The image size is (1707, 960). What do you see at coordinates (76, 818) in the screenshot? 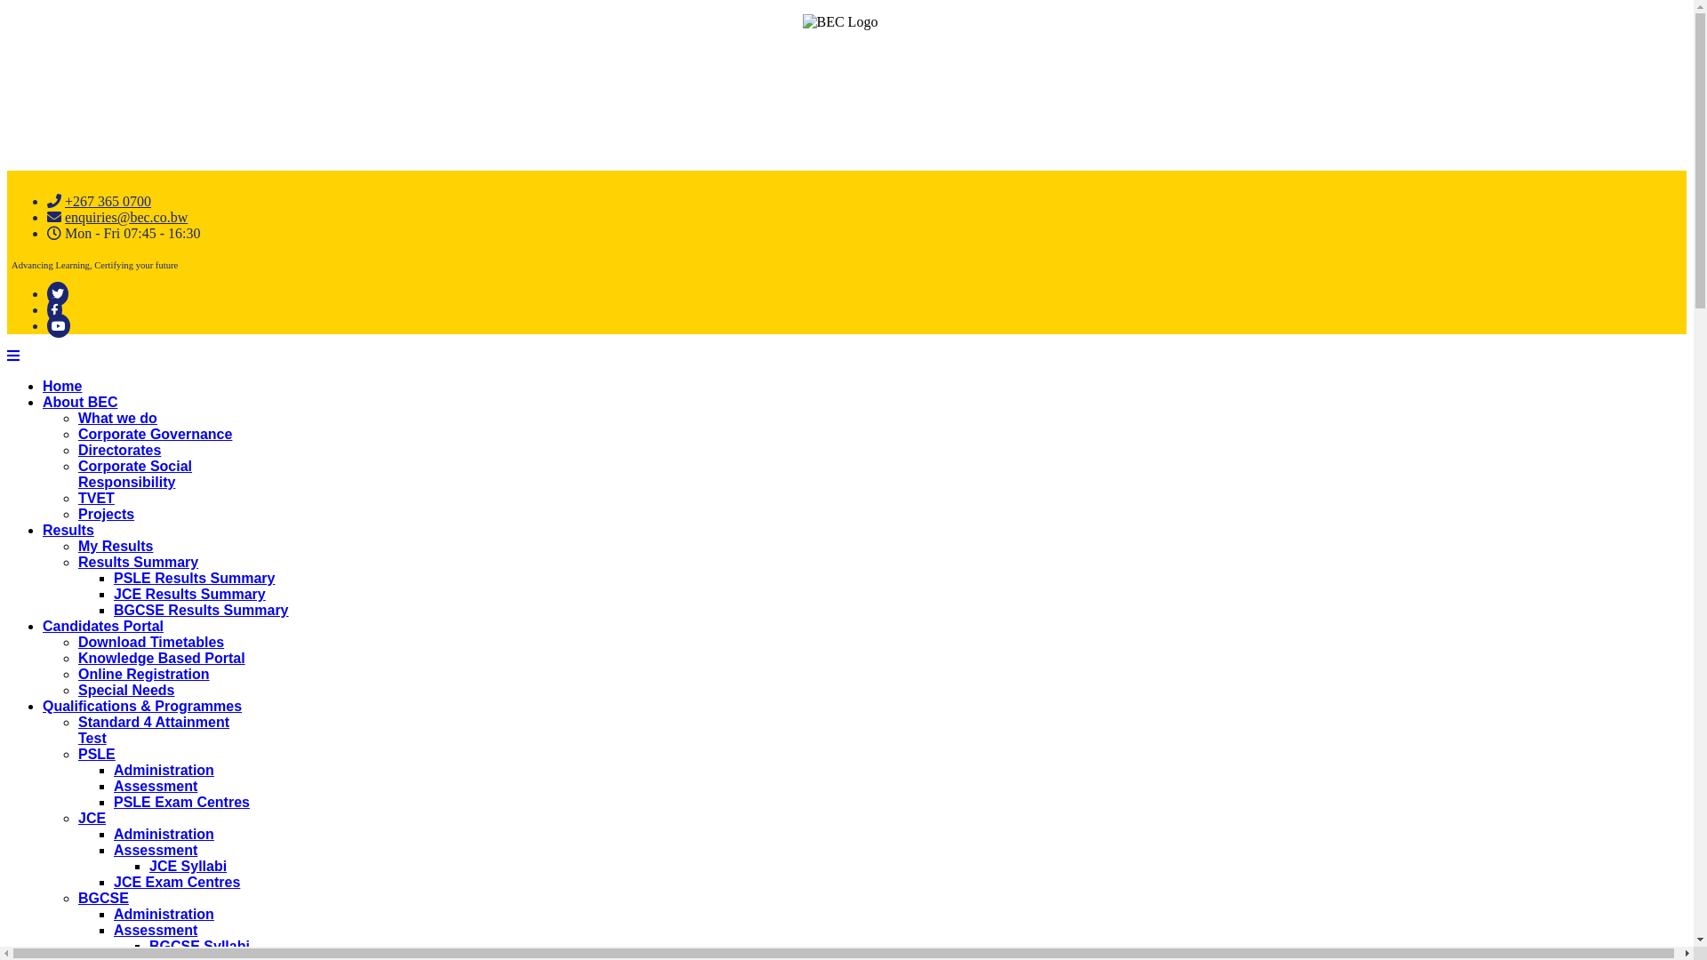
I see `'JCE'` at bounding box center [76, 818].